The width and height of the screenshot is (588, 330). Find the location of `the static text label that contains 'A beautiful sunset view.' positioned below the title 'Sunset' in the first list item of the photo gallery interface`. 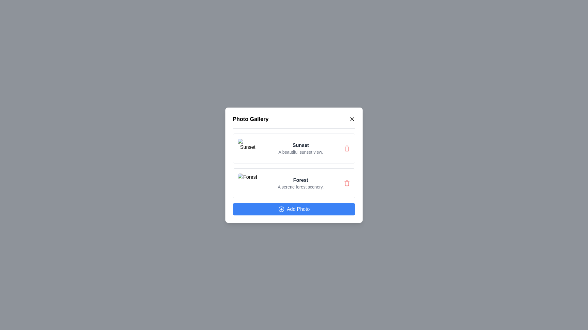

the static text label that contains 'A beautiful sunset view.' positioned below the title 'Sunset' in the first list item of the photo gallery interface is located at coordinates (301, 152).